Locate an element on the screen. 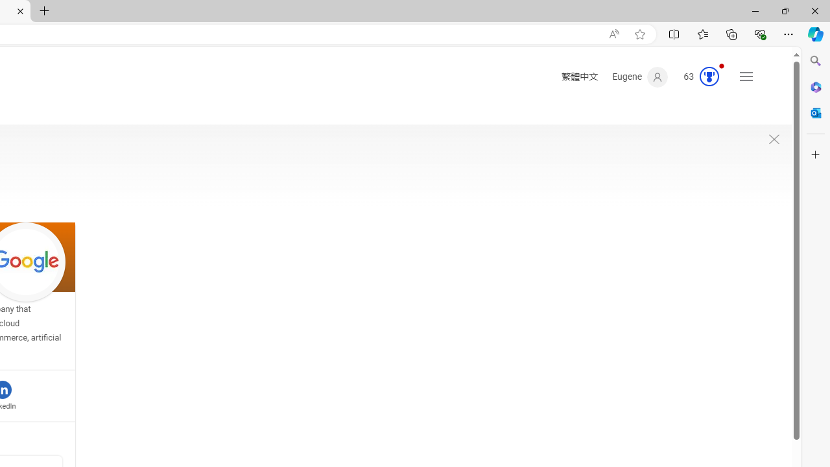 Image resolution: width=830 pixels, height=467 pixels. 'AutomationID: serp_medal_svg' is located at coordinates (708, 77).